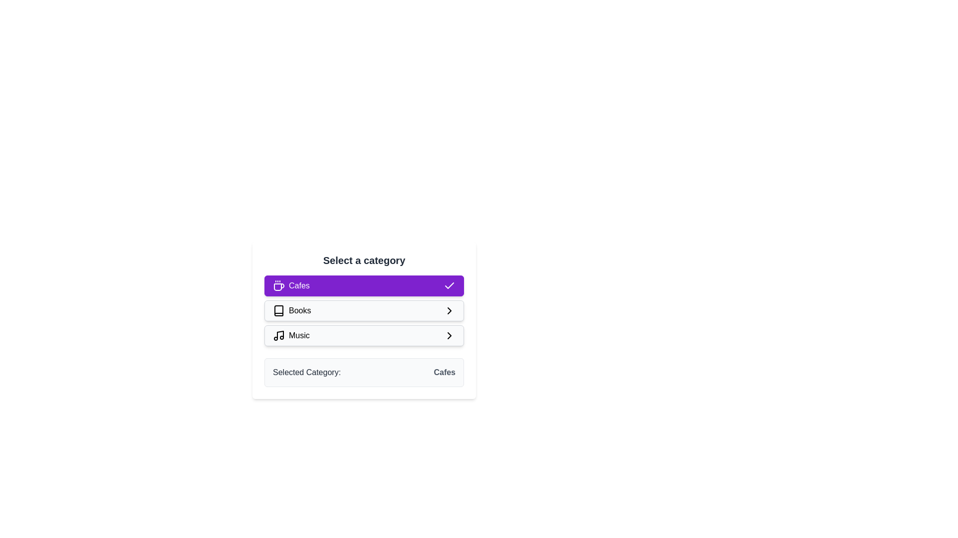  What do you see at coordinates (291, 310) in the screenshot?
I see `the list item element that allows users to select the category labeled 'Books', which is the second item in the vertical list of options` at bounding box center [291, 310].